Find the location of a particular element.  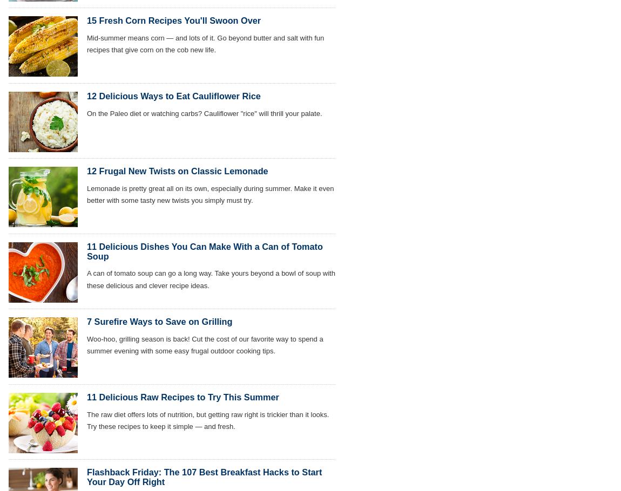

'11 Delicious Raw Recipes to Try This Summer' is located at coordinates (183, 396).